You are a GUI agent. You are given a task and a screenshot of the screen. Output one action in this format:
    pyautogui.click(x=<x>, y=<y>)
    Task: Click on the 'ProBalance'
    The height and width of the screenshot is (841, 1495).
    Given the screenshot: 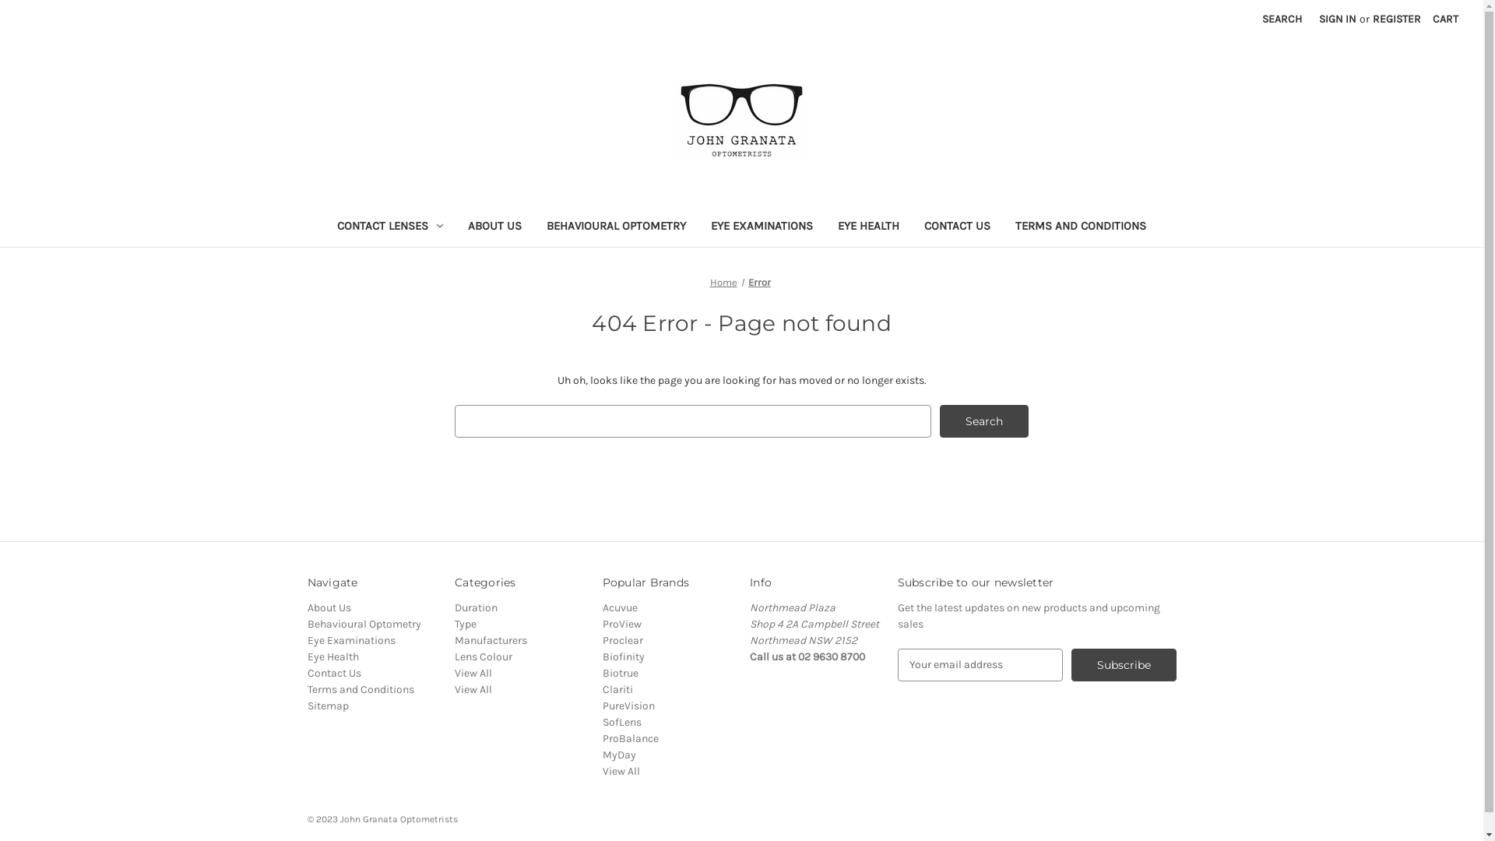 What is the action you would take?
    pyautogui.click(x=631, y=737)
    